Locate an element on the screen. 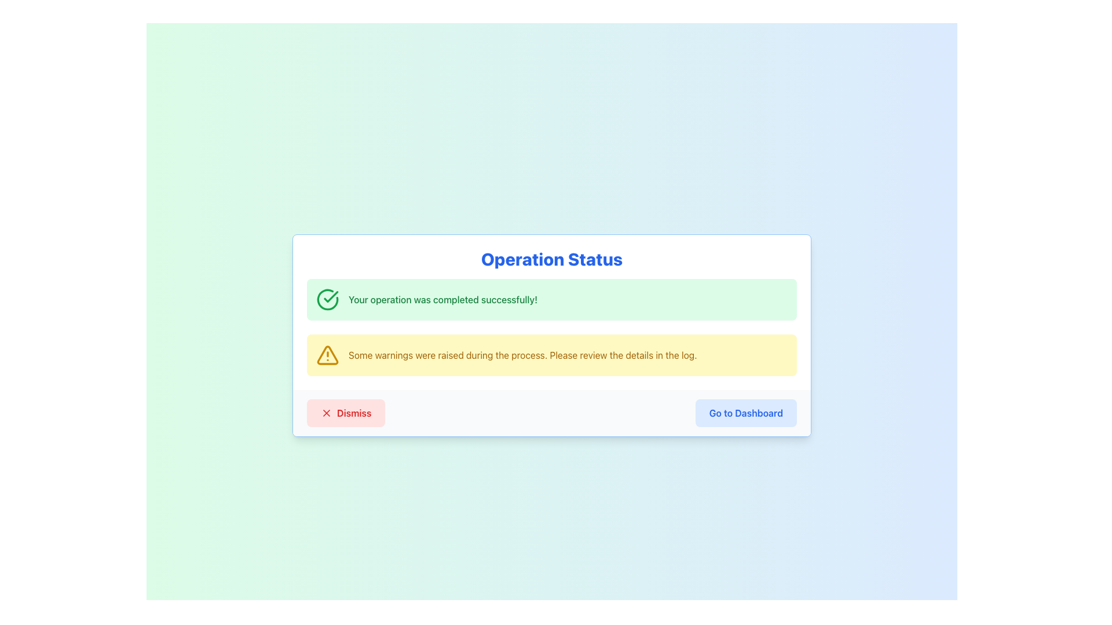 This screenshot has height=625, width=1112. the 'Dismiss' button, which has a light red background and red text, located in the bottom notification panel to activate hover effects is located at coordinates (345, 412).